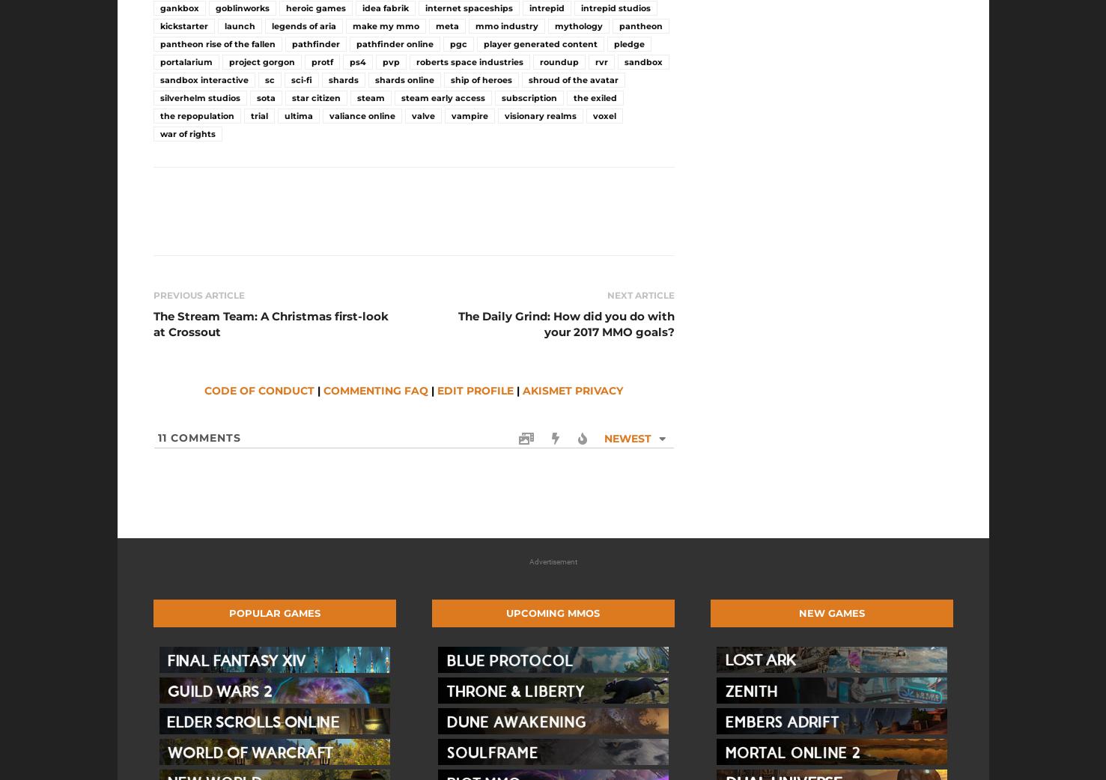 This screenshot has width=1106, height=780. I want to click on 'pgc', so click(457, 43).